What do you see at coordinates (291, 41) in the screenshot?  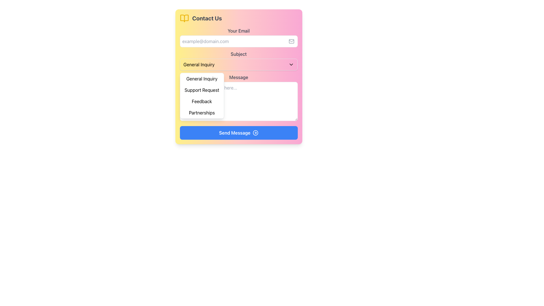 I see `the mail icon, which is a minimalist gray envelope` at bounding box center [291, 41].